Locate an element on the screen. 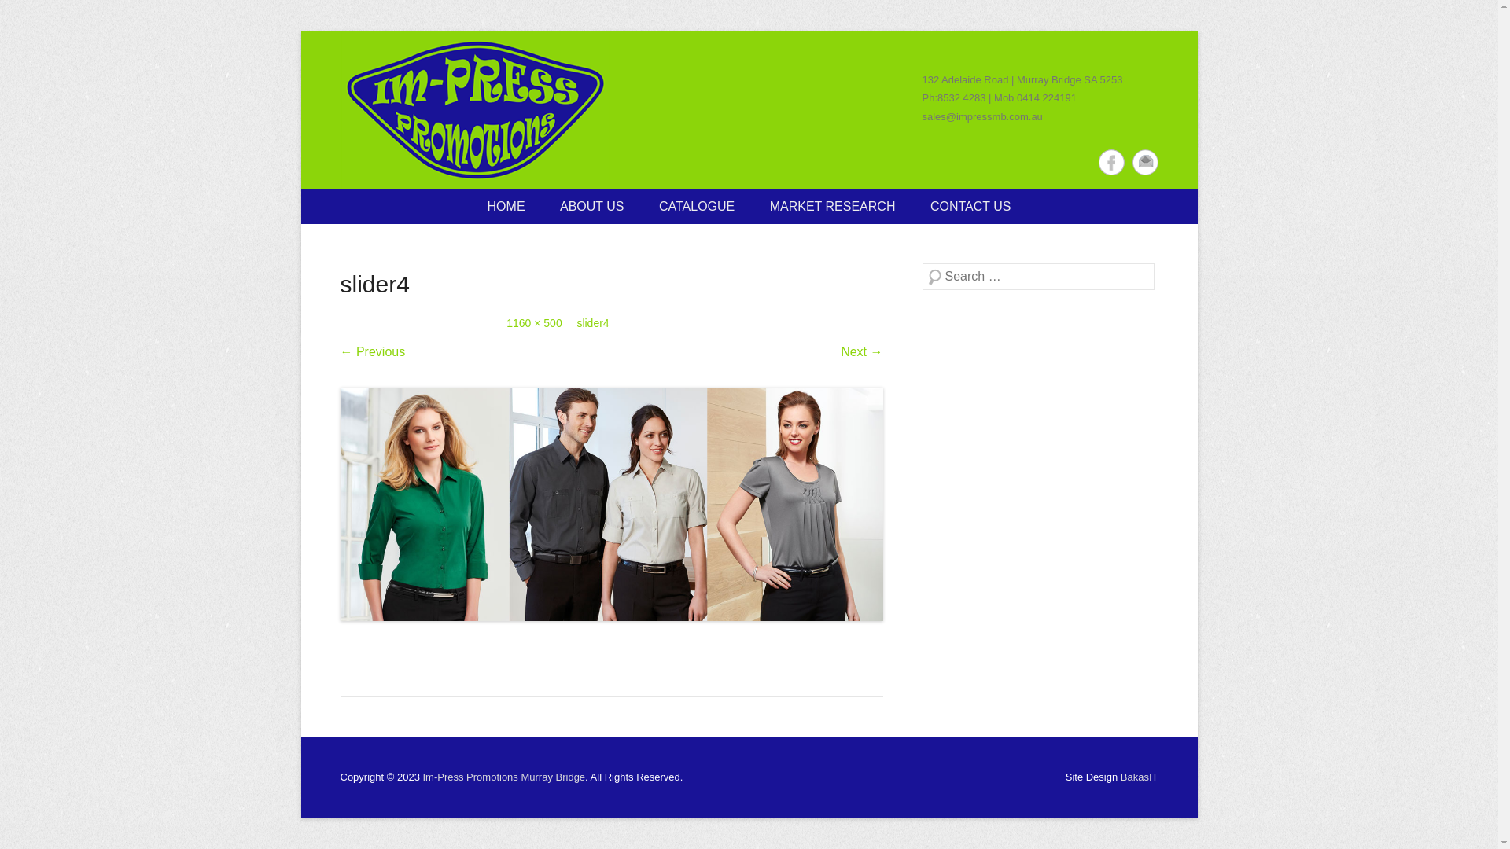 The height and width of the screenshot is (849, 1510). 'ABOUT US' is located at coordinates (591, 205).